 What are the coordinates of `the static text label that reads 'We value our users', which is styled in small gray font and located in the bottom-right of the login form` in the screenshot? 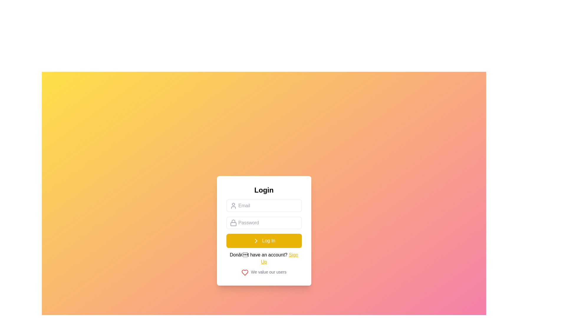 It's located at (268, 272).